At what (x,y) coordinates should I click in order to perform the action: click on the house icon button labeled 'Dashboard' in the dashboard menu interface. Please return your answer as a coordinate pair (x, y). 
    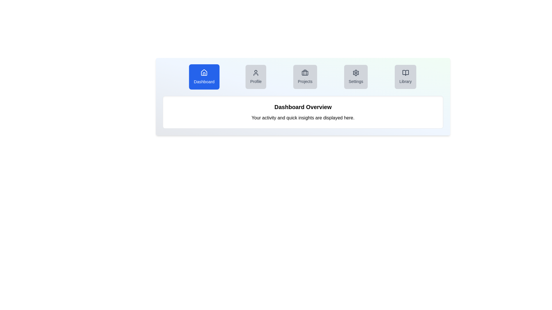
    Looking at the image, I should click on (204, 72).